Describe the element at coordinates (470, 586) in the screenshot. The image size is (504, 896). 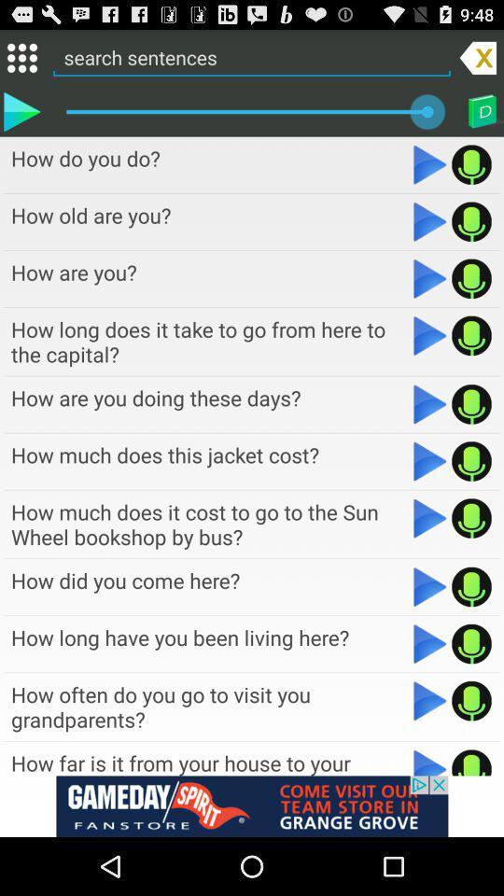
I see `record` at that location.